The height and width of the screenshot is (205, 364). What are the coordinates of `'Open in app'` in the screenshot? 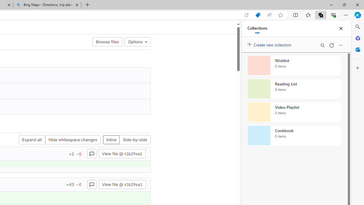 It's located at (247, 15).